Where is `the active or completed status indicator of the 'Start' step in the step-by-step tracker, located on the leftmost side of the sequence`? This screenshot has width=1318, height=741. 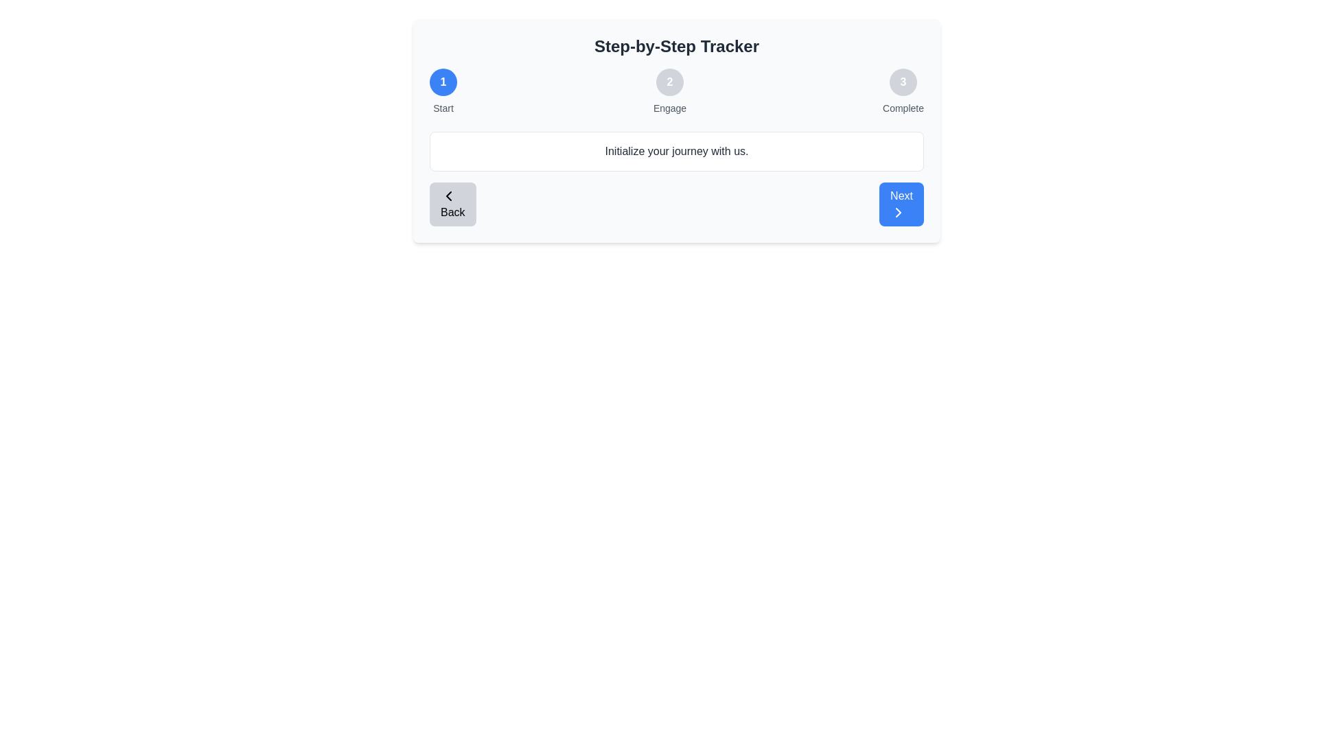 the active or completed status indicator of the 'Start' step in the step-by-step tracker, located on the leftmost side of the sequence is located at coordinates (443, 92).